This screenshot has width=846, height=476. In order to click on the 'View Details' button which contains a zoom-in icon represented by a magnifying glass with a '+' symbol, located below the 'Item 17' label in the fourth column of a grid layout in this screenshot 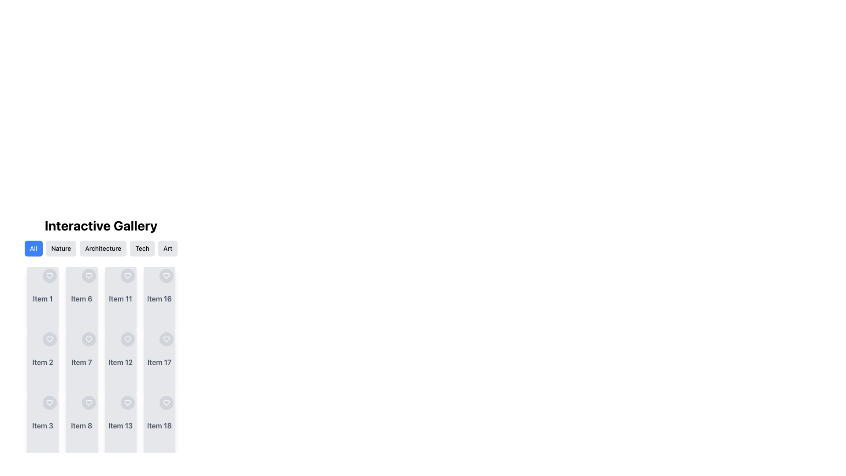, I will do `click(145, 362)`.